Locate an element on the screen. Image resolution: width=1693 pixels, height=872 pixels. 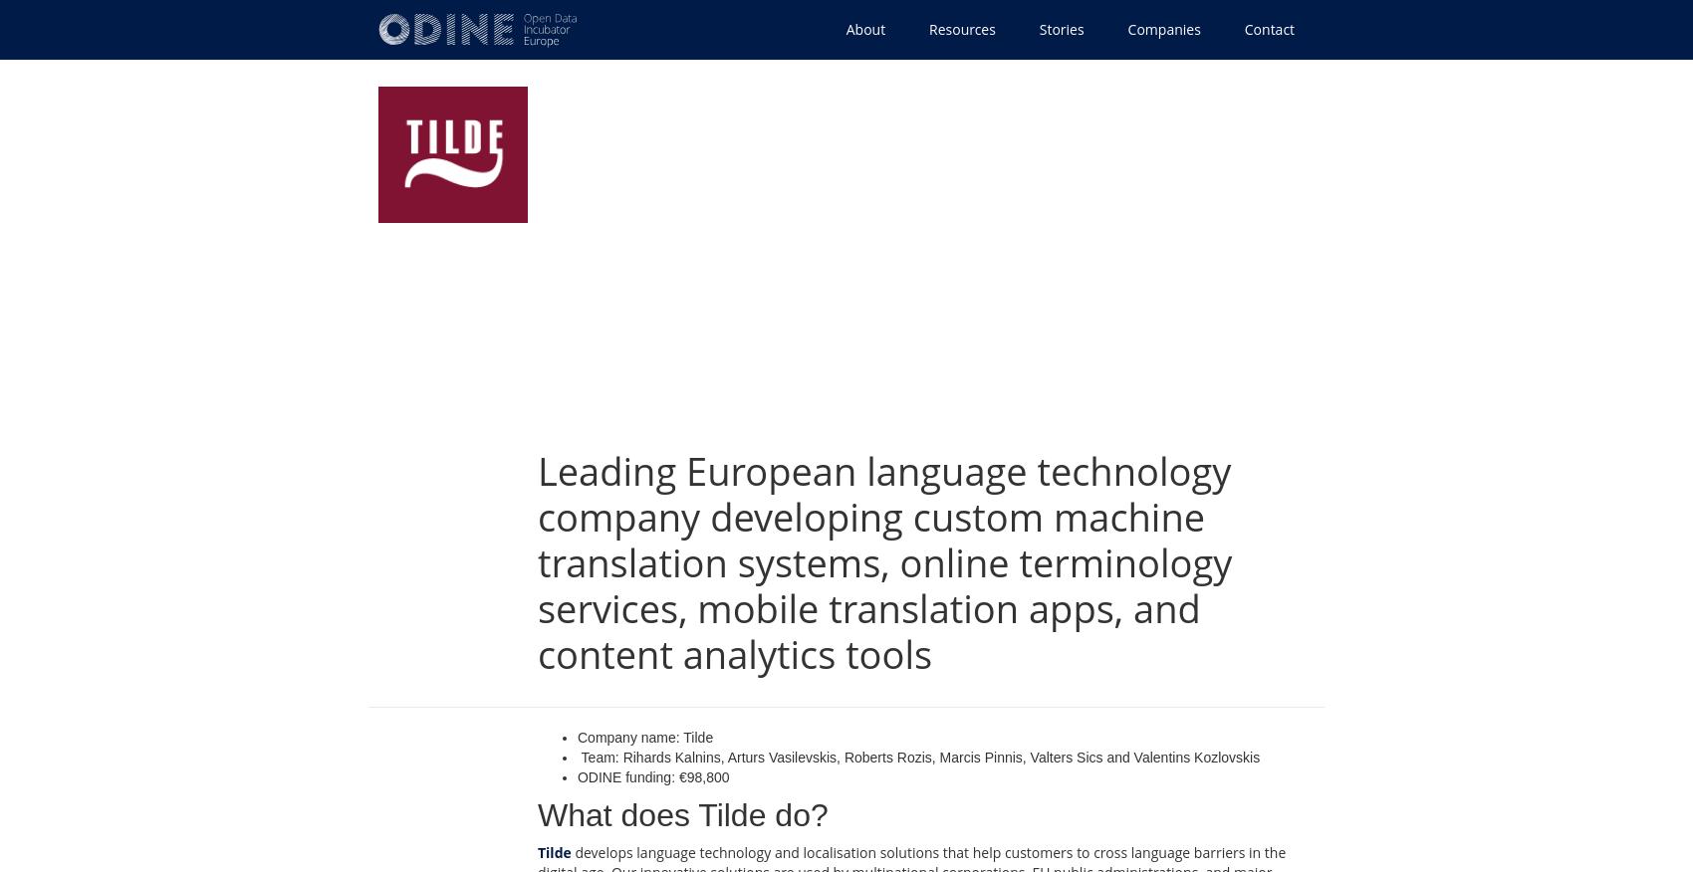
'ODINE funding: €98,800' is located at coordinates (652, 776).